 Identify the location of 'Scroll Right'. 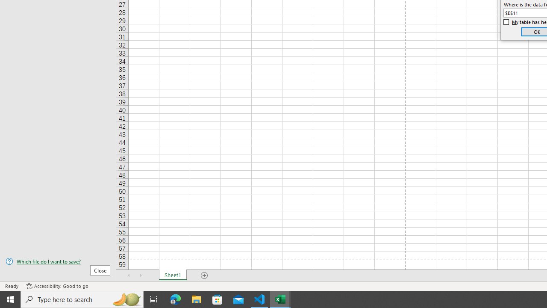
(141, 275).